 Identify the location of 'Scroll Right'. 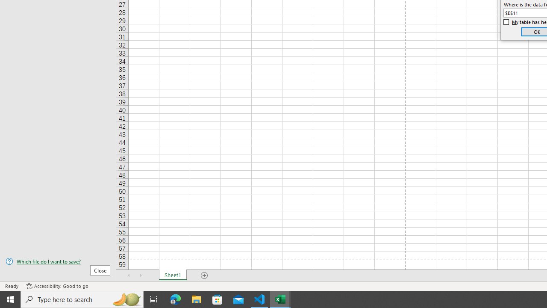
(141, 275).